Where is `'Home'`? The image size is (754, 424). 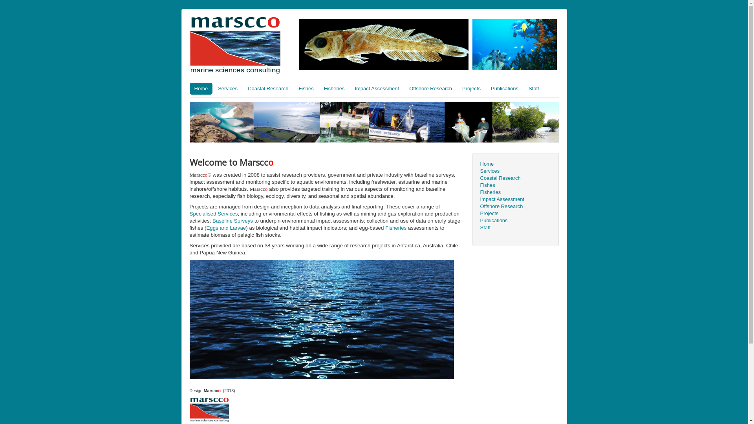
'Home' is located at coordinates (201, 88).